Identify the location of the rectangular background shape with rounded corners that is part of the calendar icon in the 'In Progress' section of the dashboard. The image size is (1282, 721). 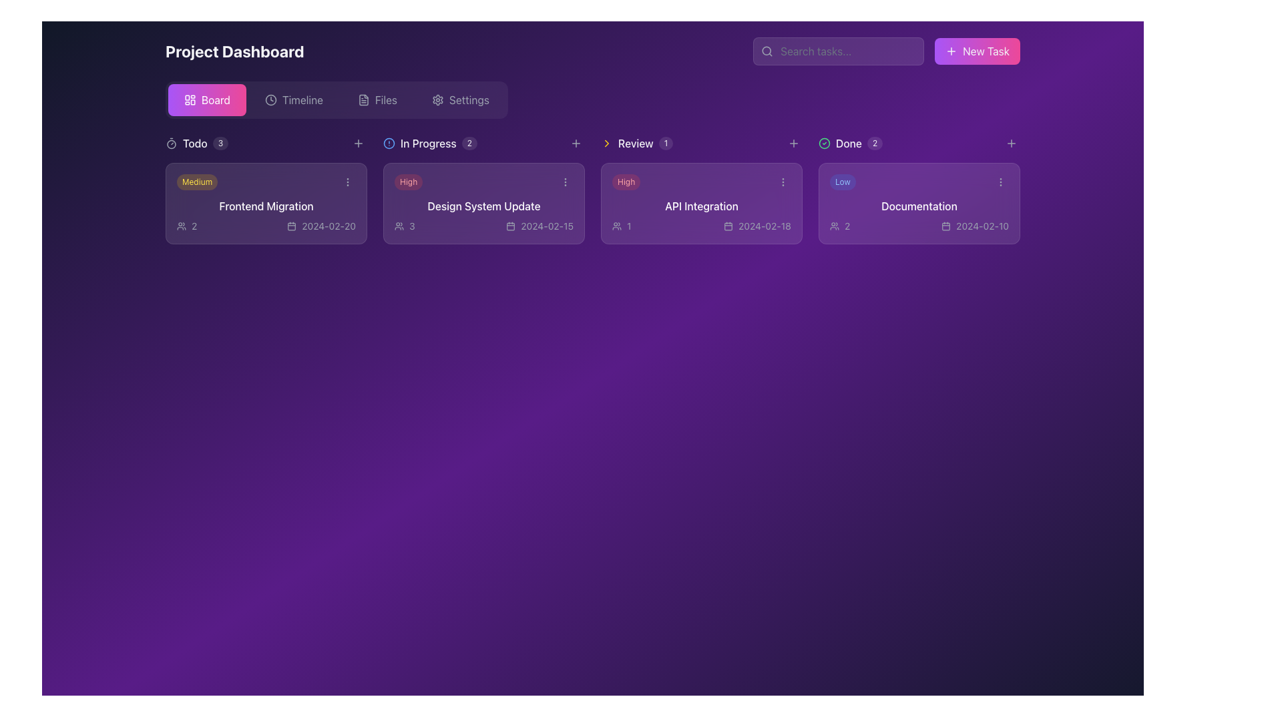
(510, 226).